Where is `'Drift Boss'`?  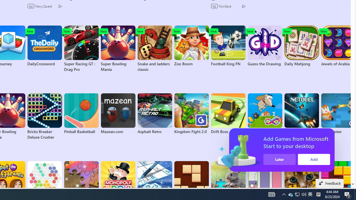
'Drift Boss' is located at coordinates (228, 114).